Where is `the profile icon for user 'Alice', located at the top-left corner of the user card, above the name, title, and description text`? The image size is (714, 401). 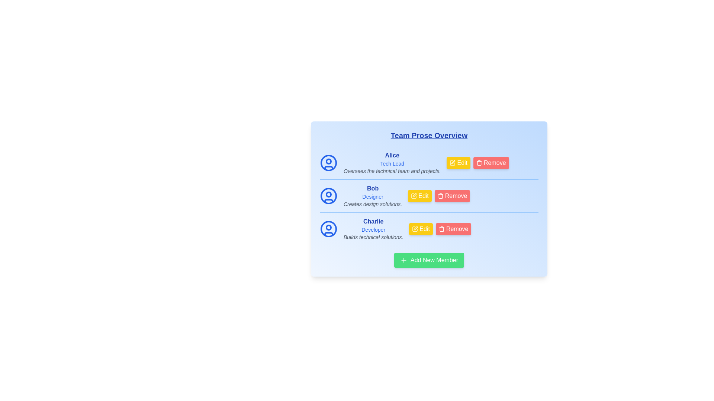 the profile icon for user 'Alice', located at the top-left corner of the user card, above the name, title, and description text is located at coordinates (328, 163).